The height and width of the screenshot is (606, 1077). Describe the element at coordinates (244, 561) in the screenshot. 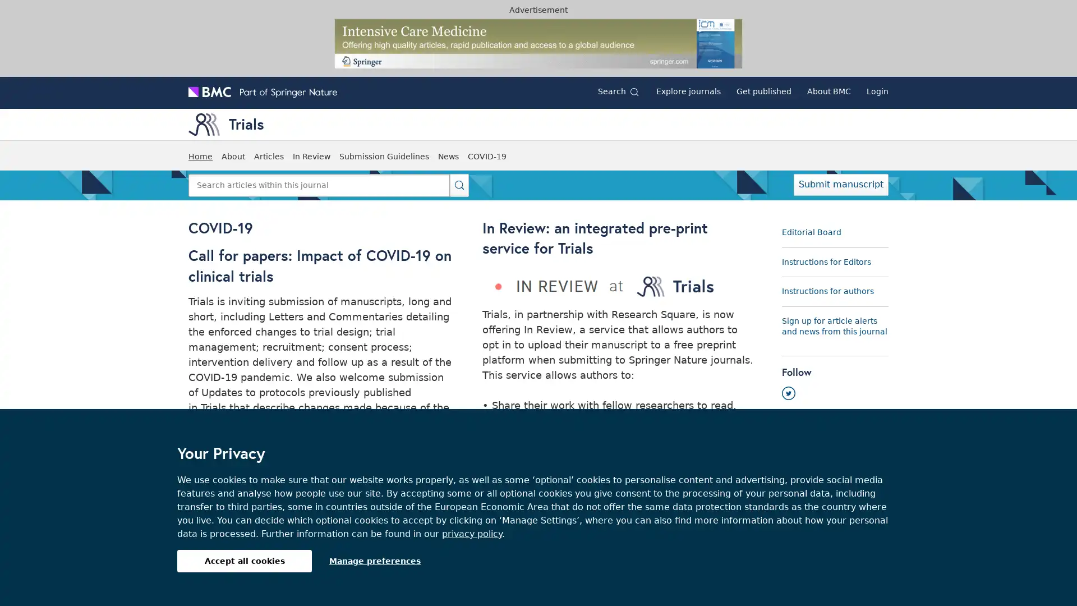

I see `Accept all cookies` at that location.